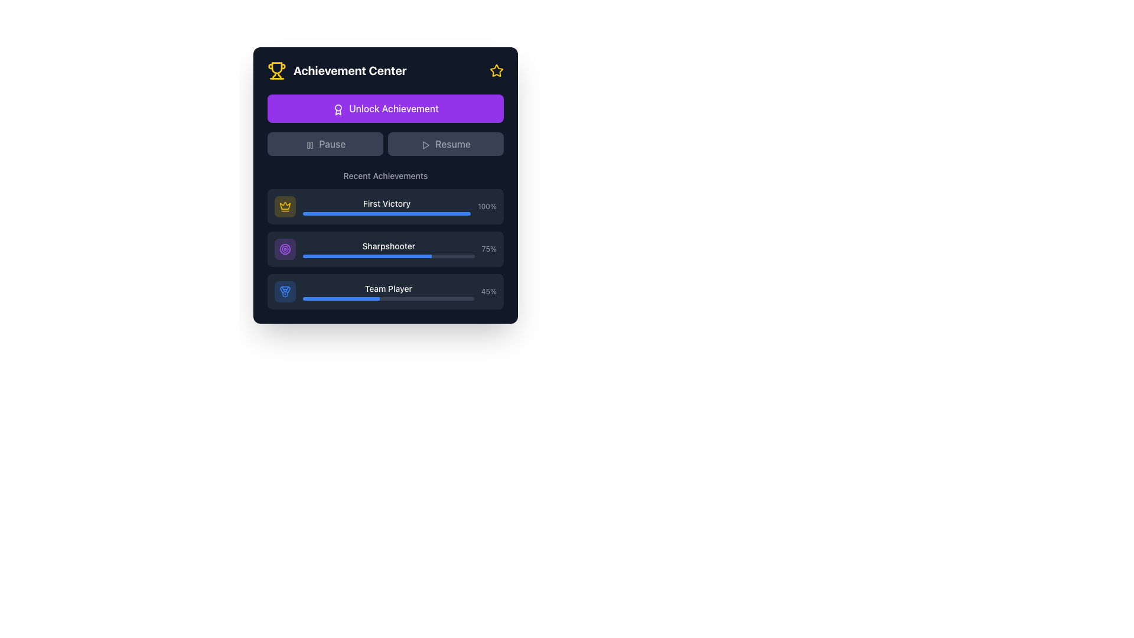 The width and height of the screenshot is (1134, 638). Describe the element at coordinates (285, 291) in the screenshot. I see `the 'Team Player' achievement icon, which is the leftmost icon in a horizontally aligned list of three achievement icons located at the bottom of the panel` at that location.